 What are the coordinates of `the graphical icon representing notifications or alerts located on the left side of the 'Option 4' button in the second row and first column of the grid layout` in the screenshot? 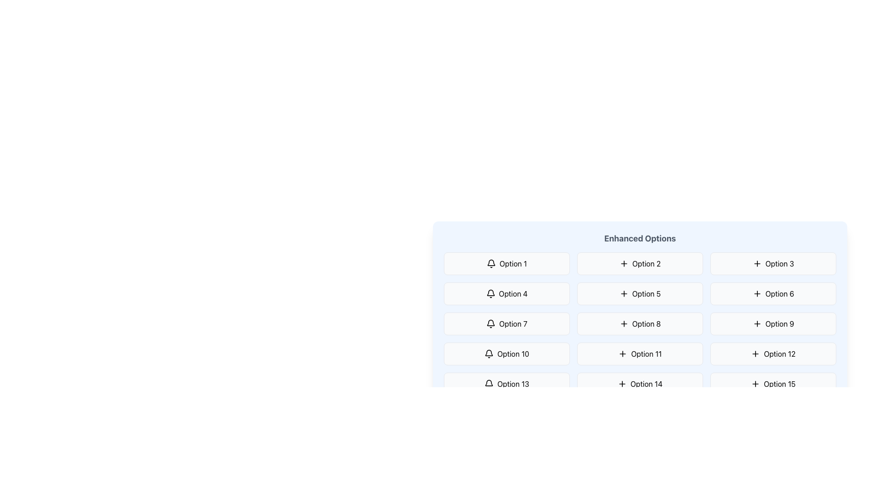 It's located at (490, 293).